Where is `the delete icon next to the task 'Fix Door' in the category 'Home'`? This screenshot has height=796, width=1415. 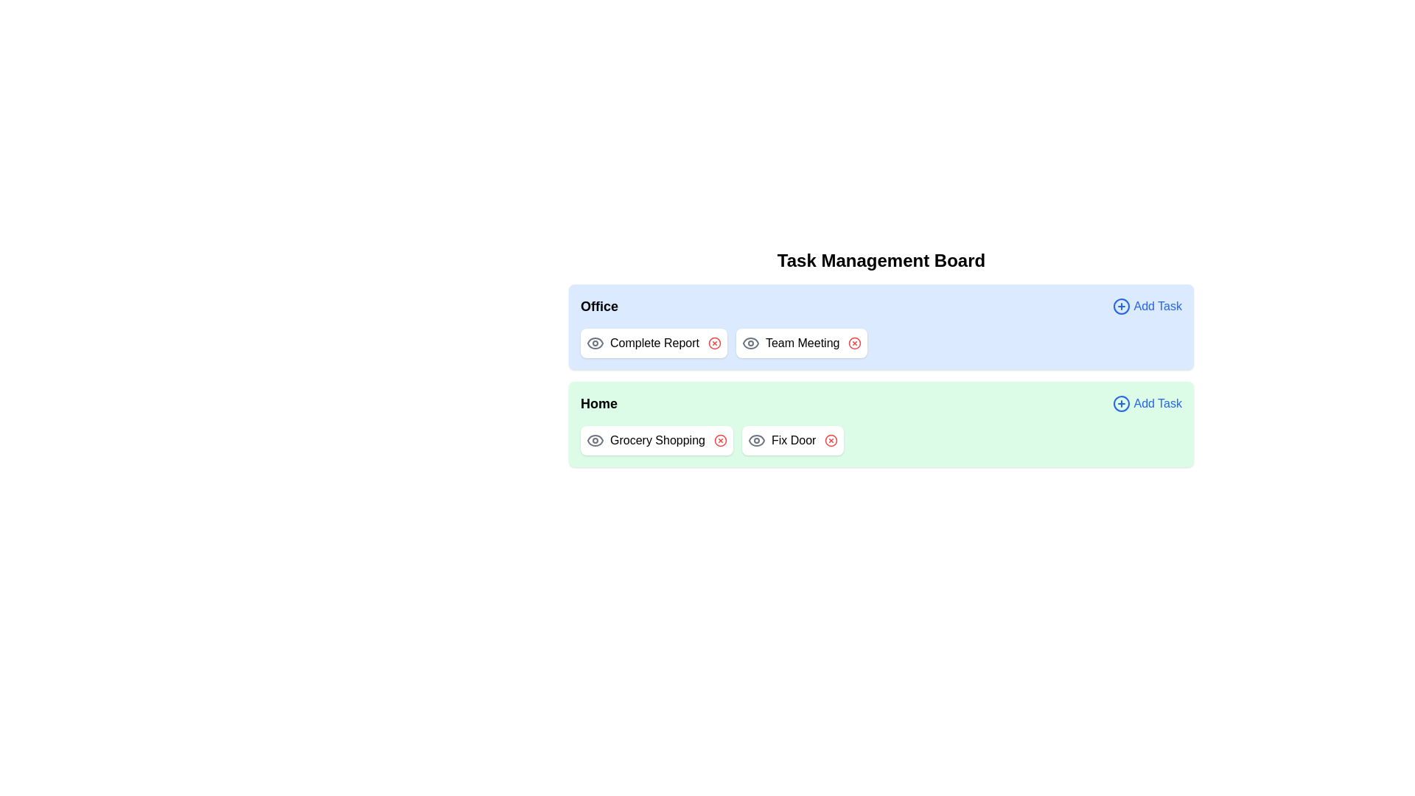
the delete icon next to the task 'Fix Door' in the category 'Home' is located at coordinates (831, 439).